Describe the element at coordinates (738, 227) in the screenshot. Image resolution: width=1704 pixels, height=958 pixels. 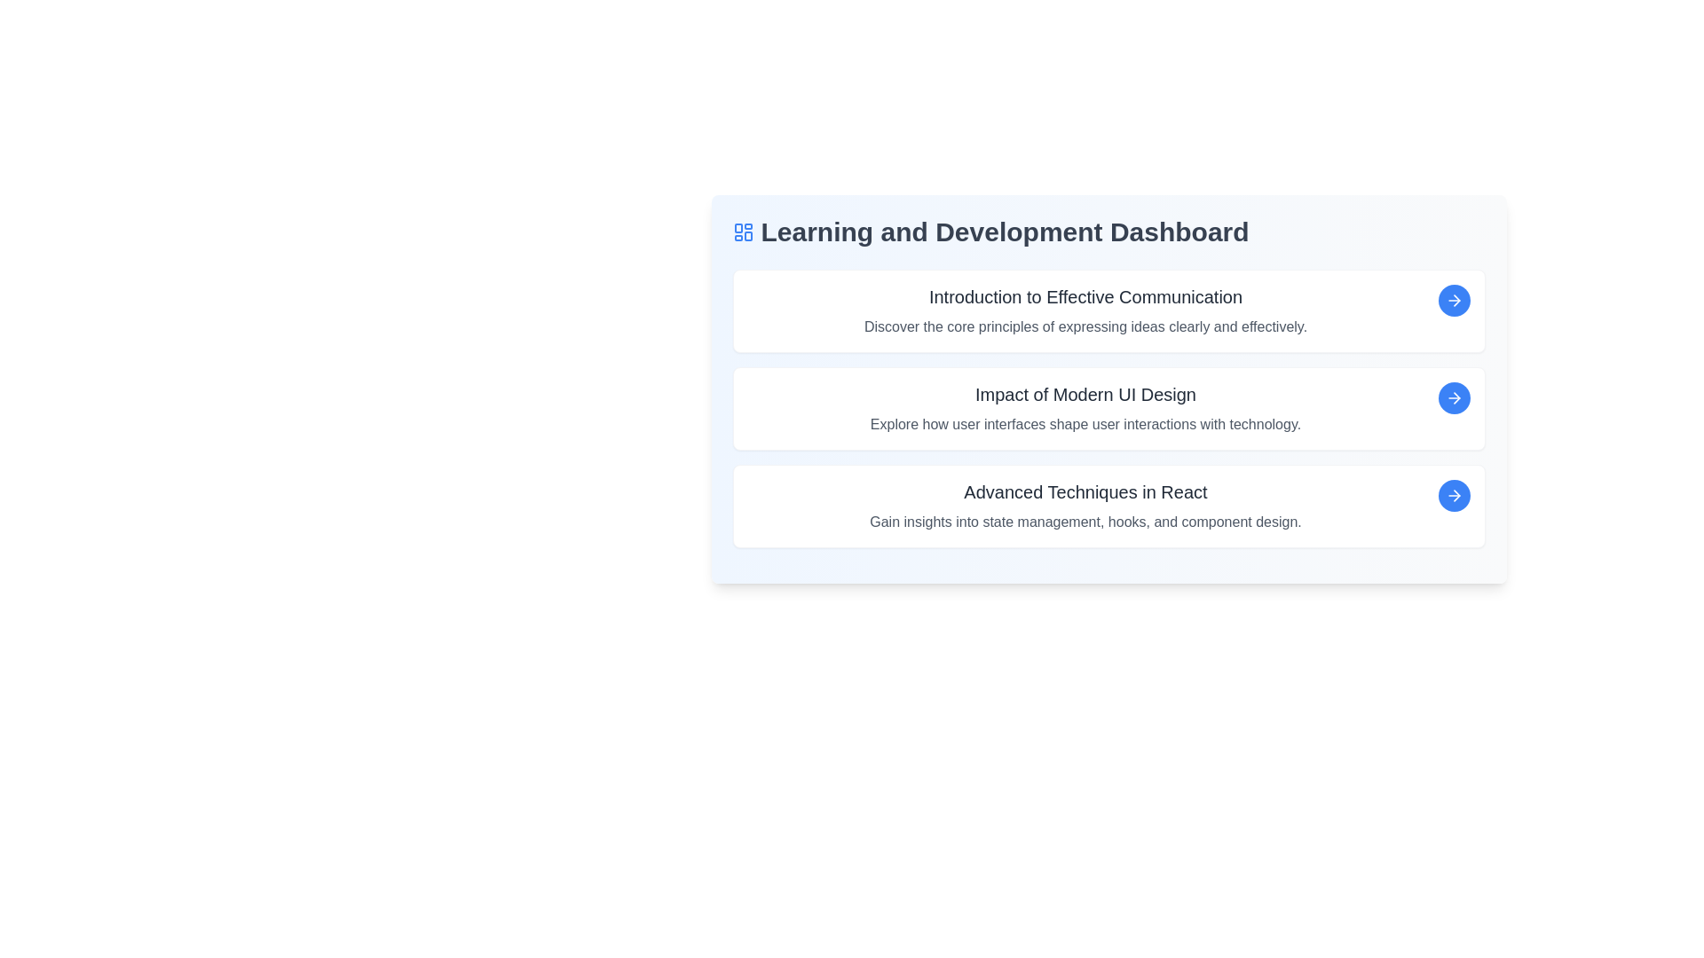
I see `the small rectangular graphical indicator with rounded corners and a blue outline, located in the top-left corner of the grid structure, preceding the 'Learning and Development Dashboard' title` at that location.